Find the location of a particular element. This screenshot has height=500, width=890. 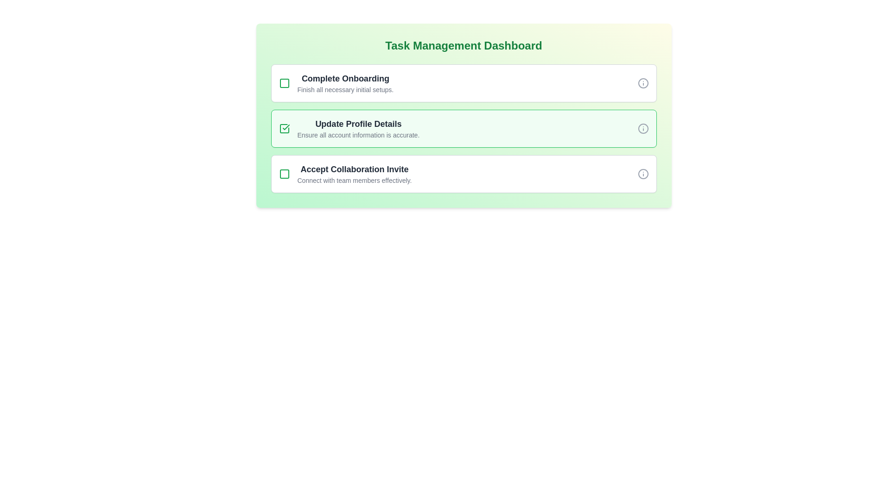

the information icon located on the far right side of the first task card in the dashboard is located at coordinates (642, 83).